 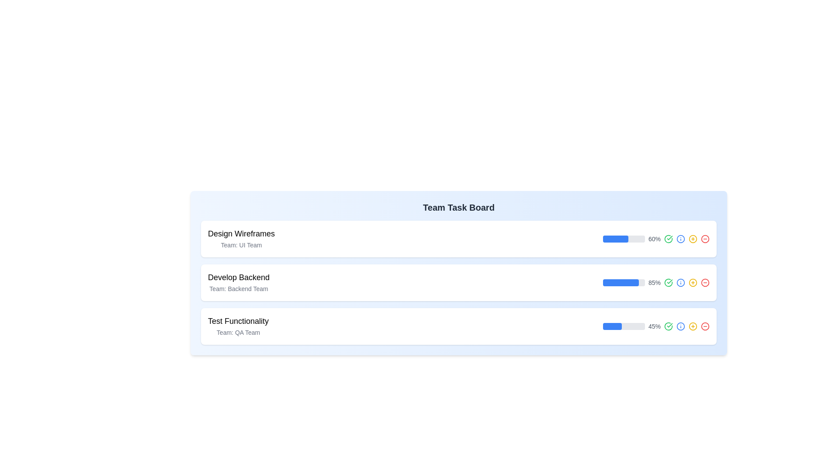 I want to click on the progress bar located in the 'Design Wireframes' section on the Team Task Board, which visually indicates the completion percentage of 60%, so click(x=623, y=239).